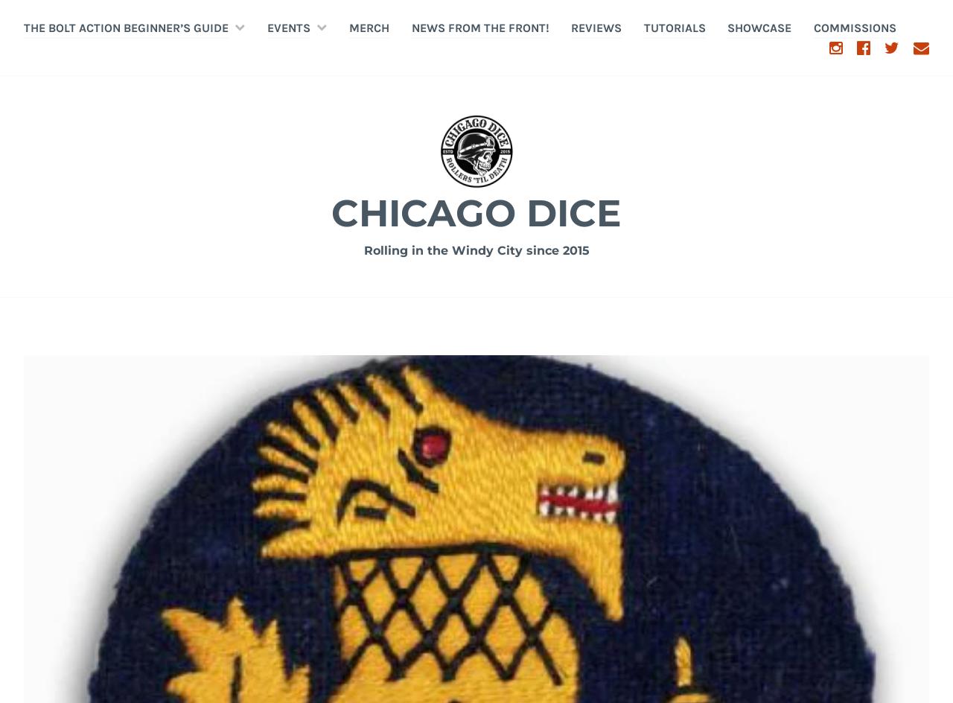  What do you see at coordinates (759, 27) in the screenshot?
I see `'showcase'` at bounding box center [759, 27].